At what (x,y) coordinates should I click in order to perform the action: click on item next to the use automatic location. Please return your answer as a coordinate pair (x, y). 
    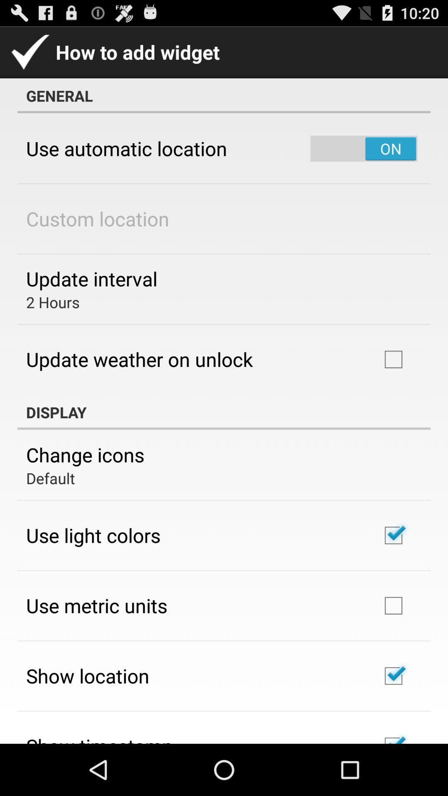
    Looking at the image, I should click on (363, 148).